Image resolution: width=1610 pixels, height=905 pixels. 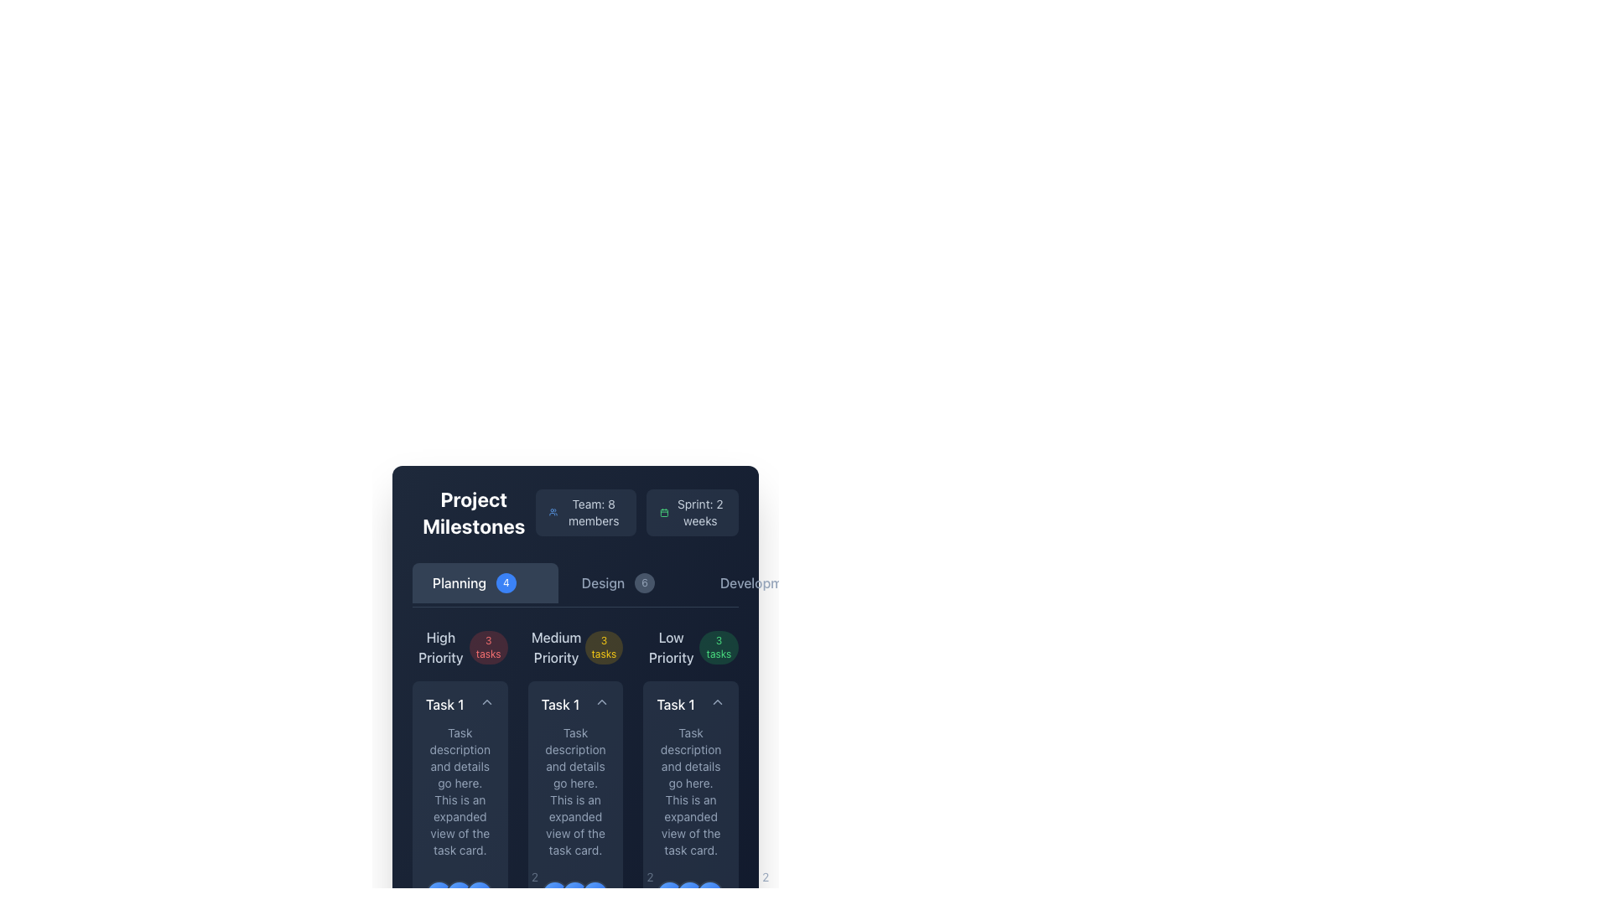 What do you see at coordinates (604, 646) in the screenshot?
I see `displayed text from the Label or Badge indicating the number of tasks associated with the 'Medium Priority' category, located to the right of the 'Medium Priority' label` at bounding box center [604, 646].